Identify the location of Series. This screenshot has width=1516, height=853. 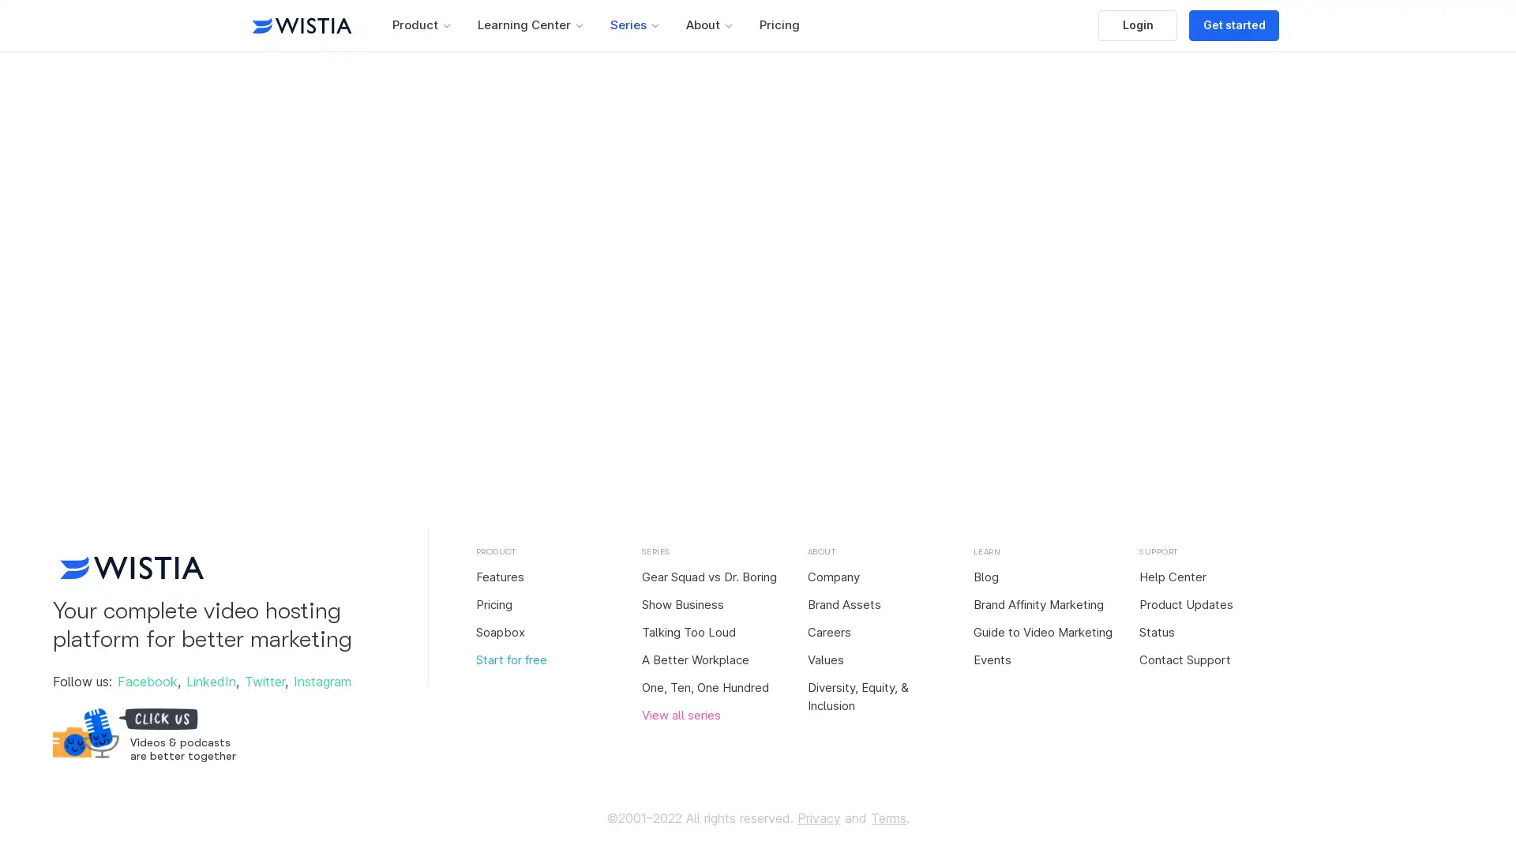
(633, 25).